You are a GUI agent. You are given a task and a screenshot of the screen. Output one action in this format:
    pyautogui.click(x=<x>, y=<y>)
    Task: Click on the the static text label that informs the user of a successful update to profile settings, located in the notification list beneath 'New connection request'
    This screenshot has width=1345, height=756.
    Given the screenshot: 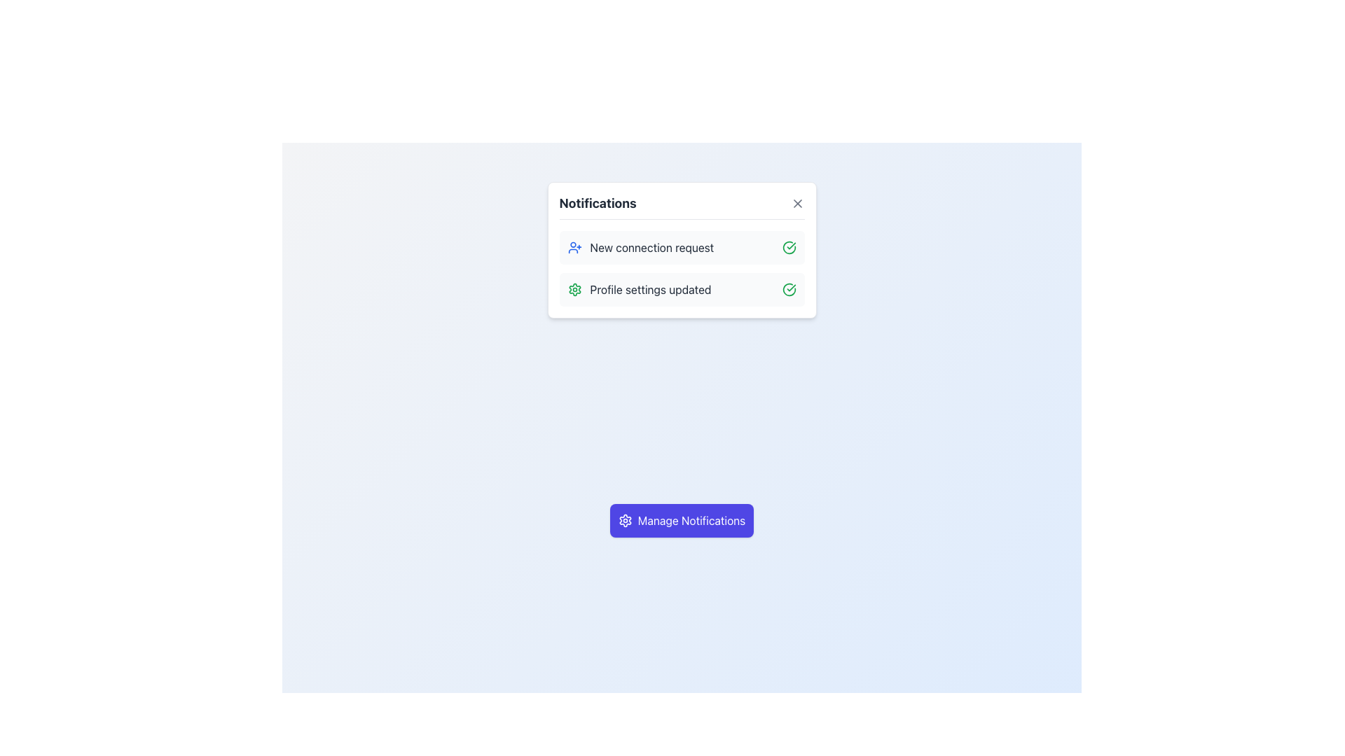 What is the action you would take?
    pyautogui.click(x=649, y=288)
    